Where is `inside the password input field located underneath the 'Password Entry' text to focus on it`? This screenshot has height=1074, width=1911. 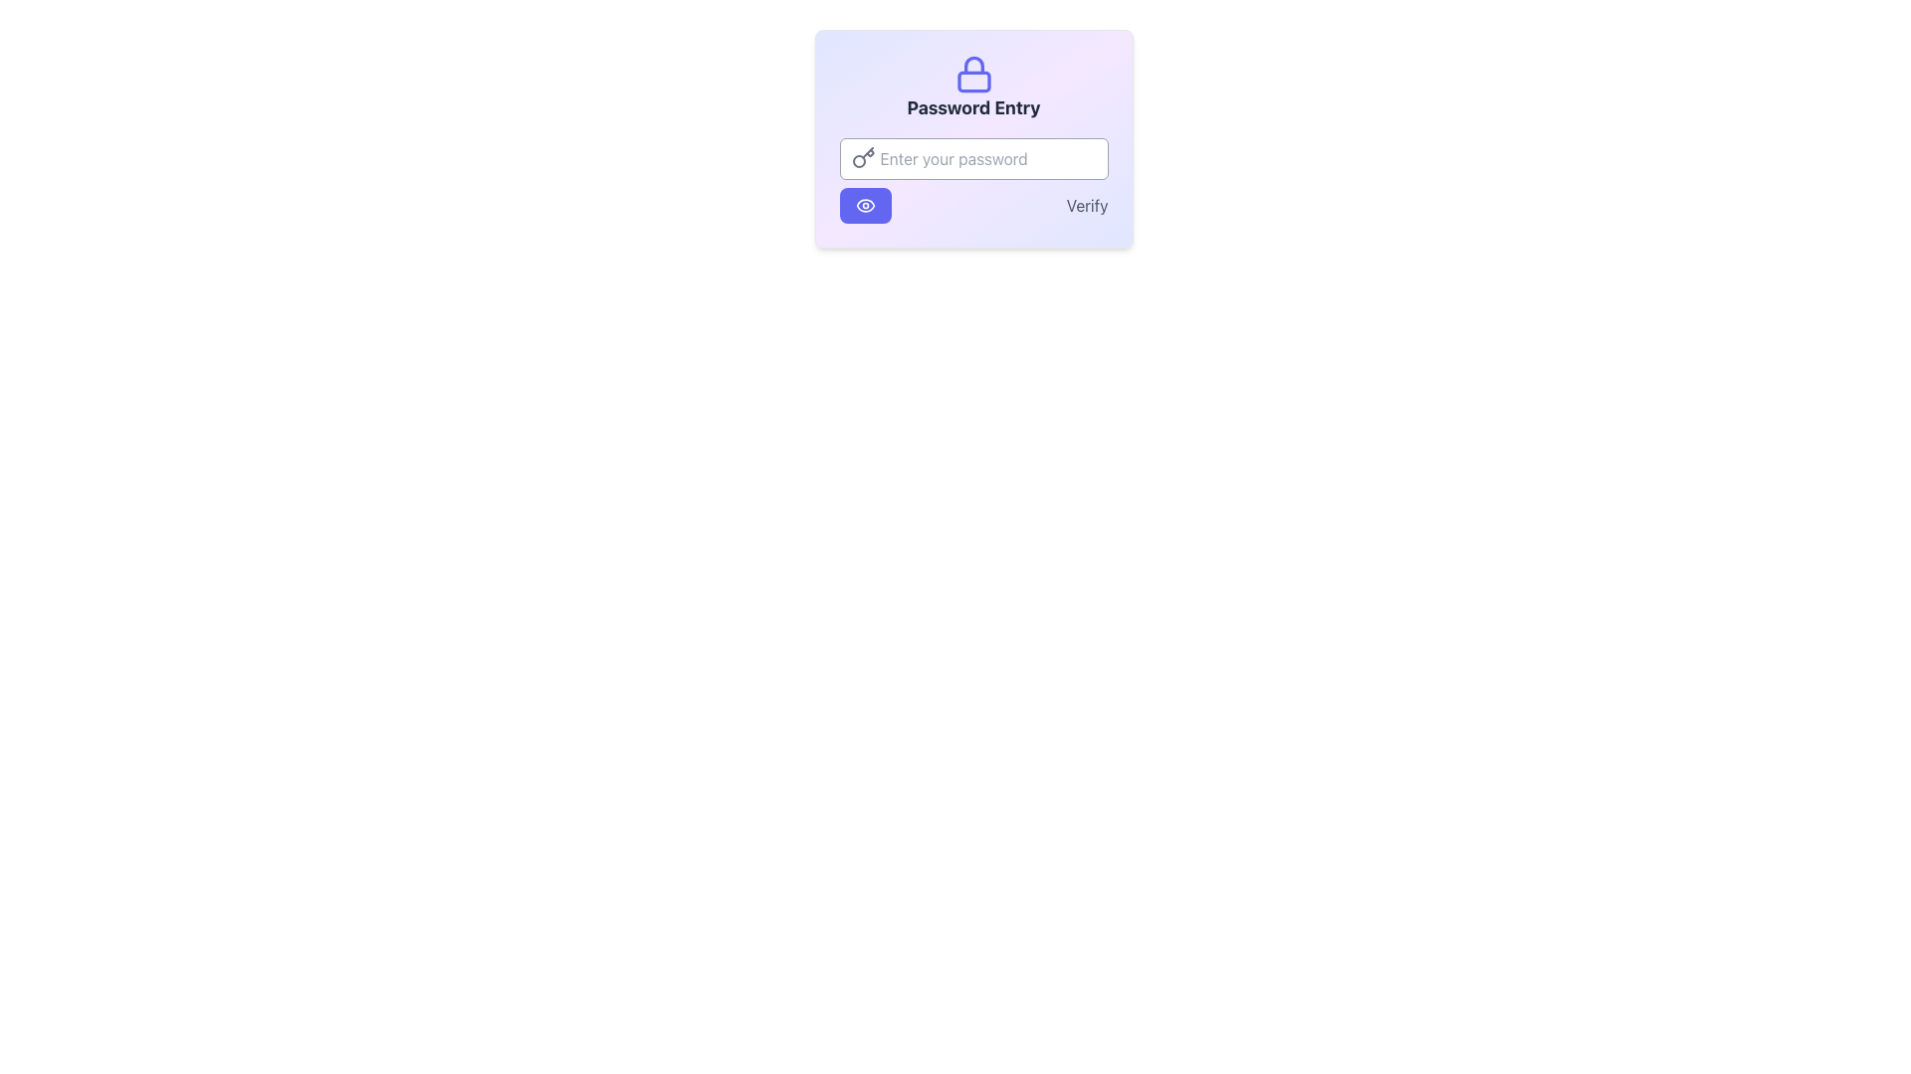 inside the password input field located underneath the 'Password Entry' text to focus on it is located at coordinates (973, 157).